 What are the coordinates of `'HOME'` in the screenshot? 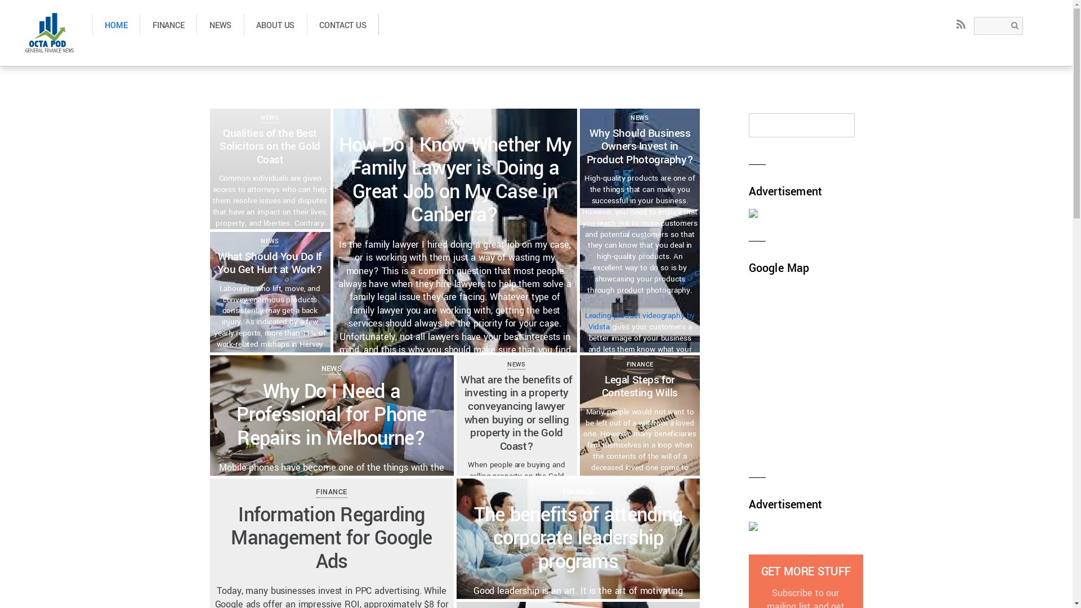 It's located at (92, 24).